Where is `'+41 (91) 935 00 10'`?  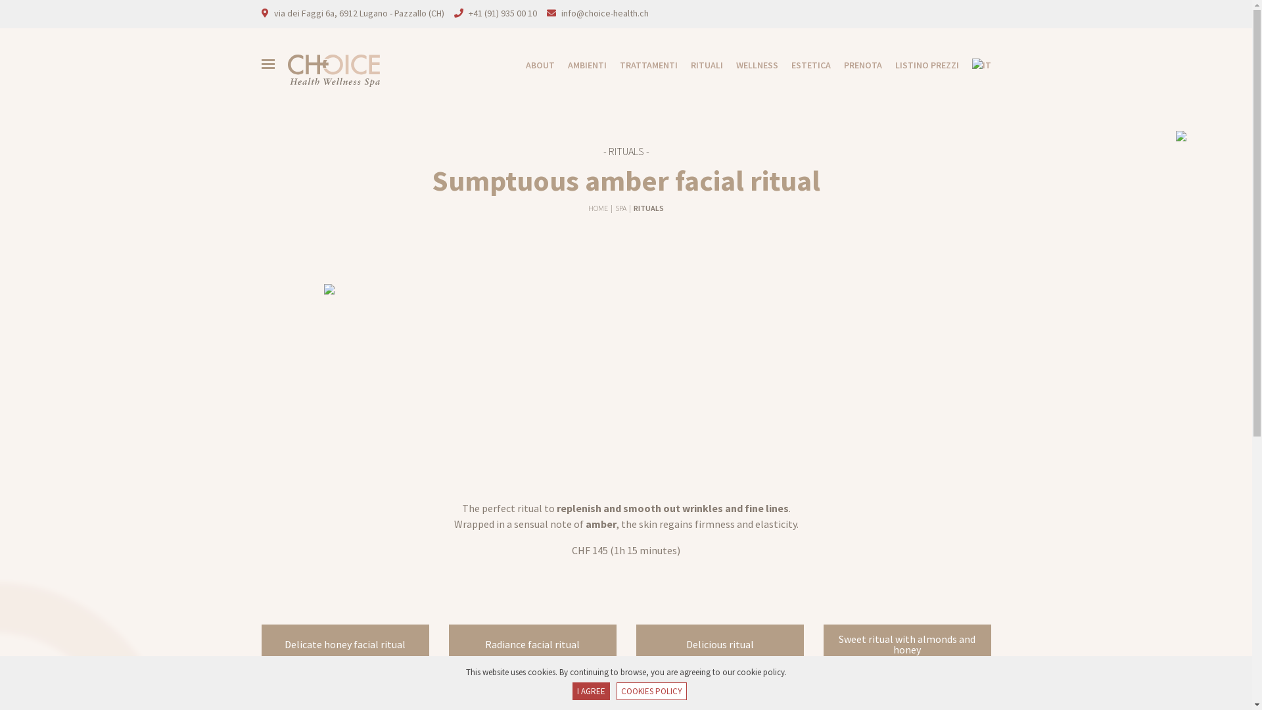
'+41 (91) 935 00 10' is located at coordinates (501, 12).